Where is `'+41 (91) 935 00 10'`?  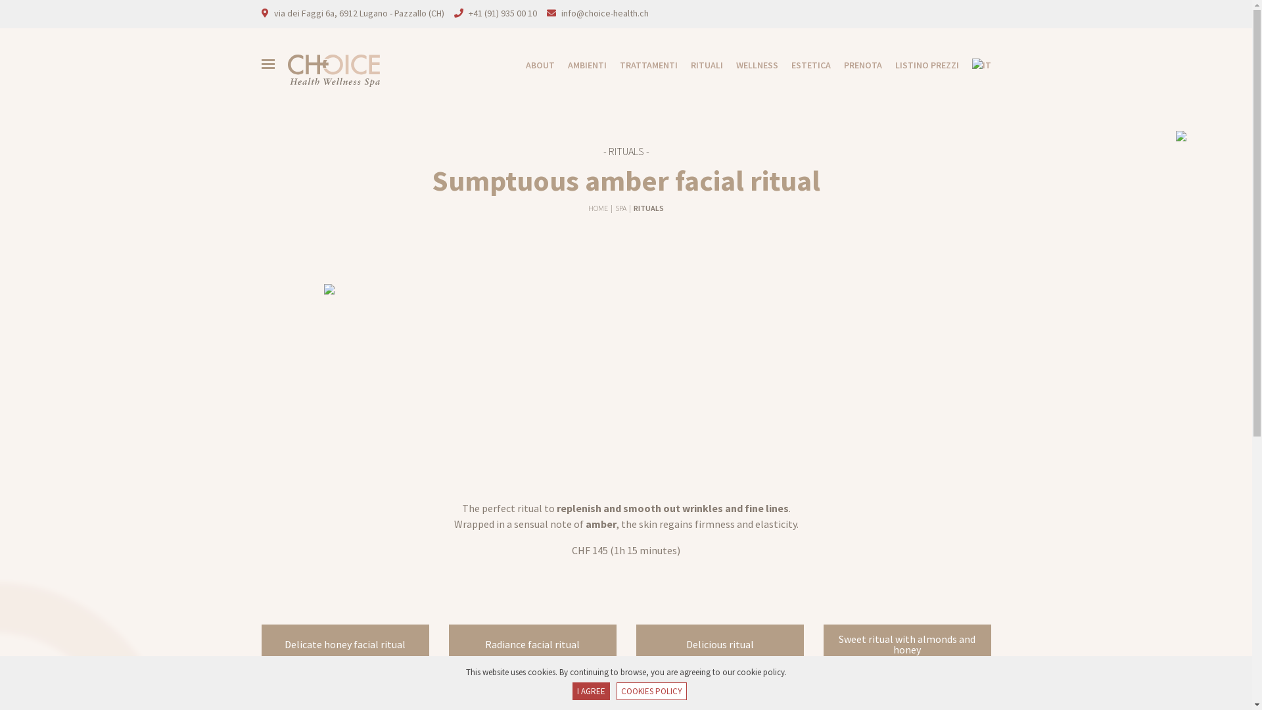
'+41 (91) 935 00 10' is located at coordinates (501, 12).